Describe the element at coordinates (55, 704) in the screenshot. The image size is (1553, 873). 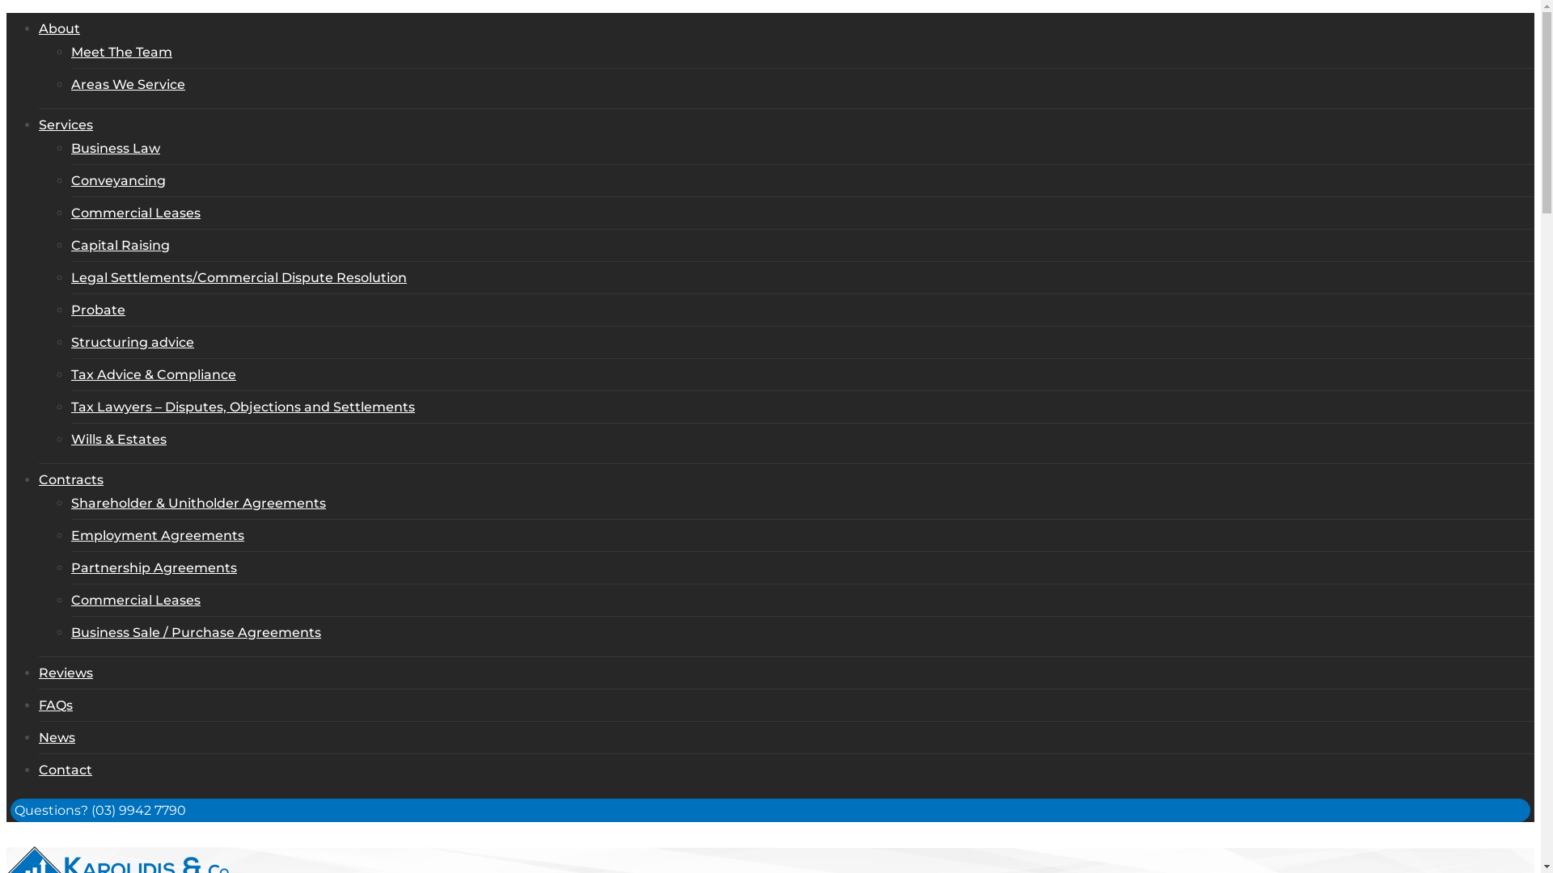
I see `'FAQs'` at that location.